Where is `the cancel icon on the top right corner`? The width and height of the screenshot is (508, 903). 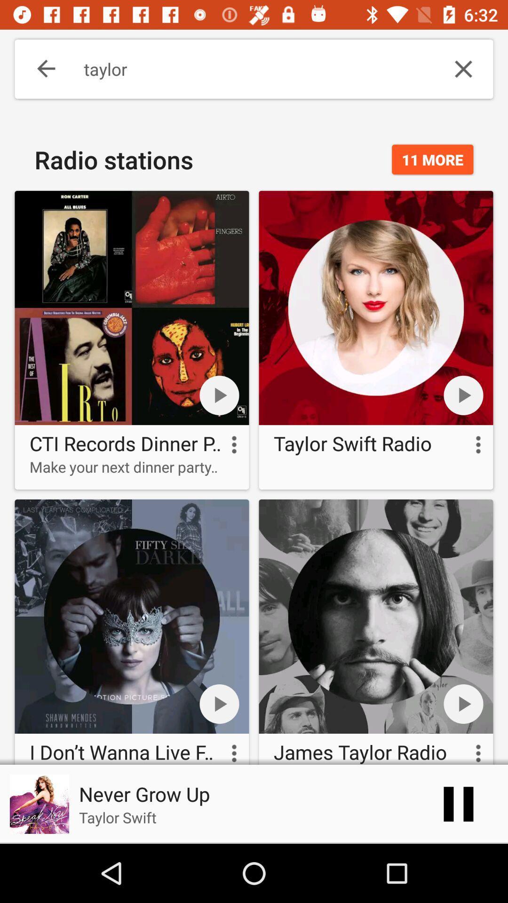 the cancel icon on the top right corner is located at coordinates (463, 69).